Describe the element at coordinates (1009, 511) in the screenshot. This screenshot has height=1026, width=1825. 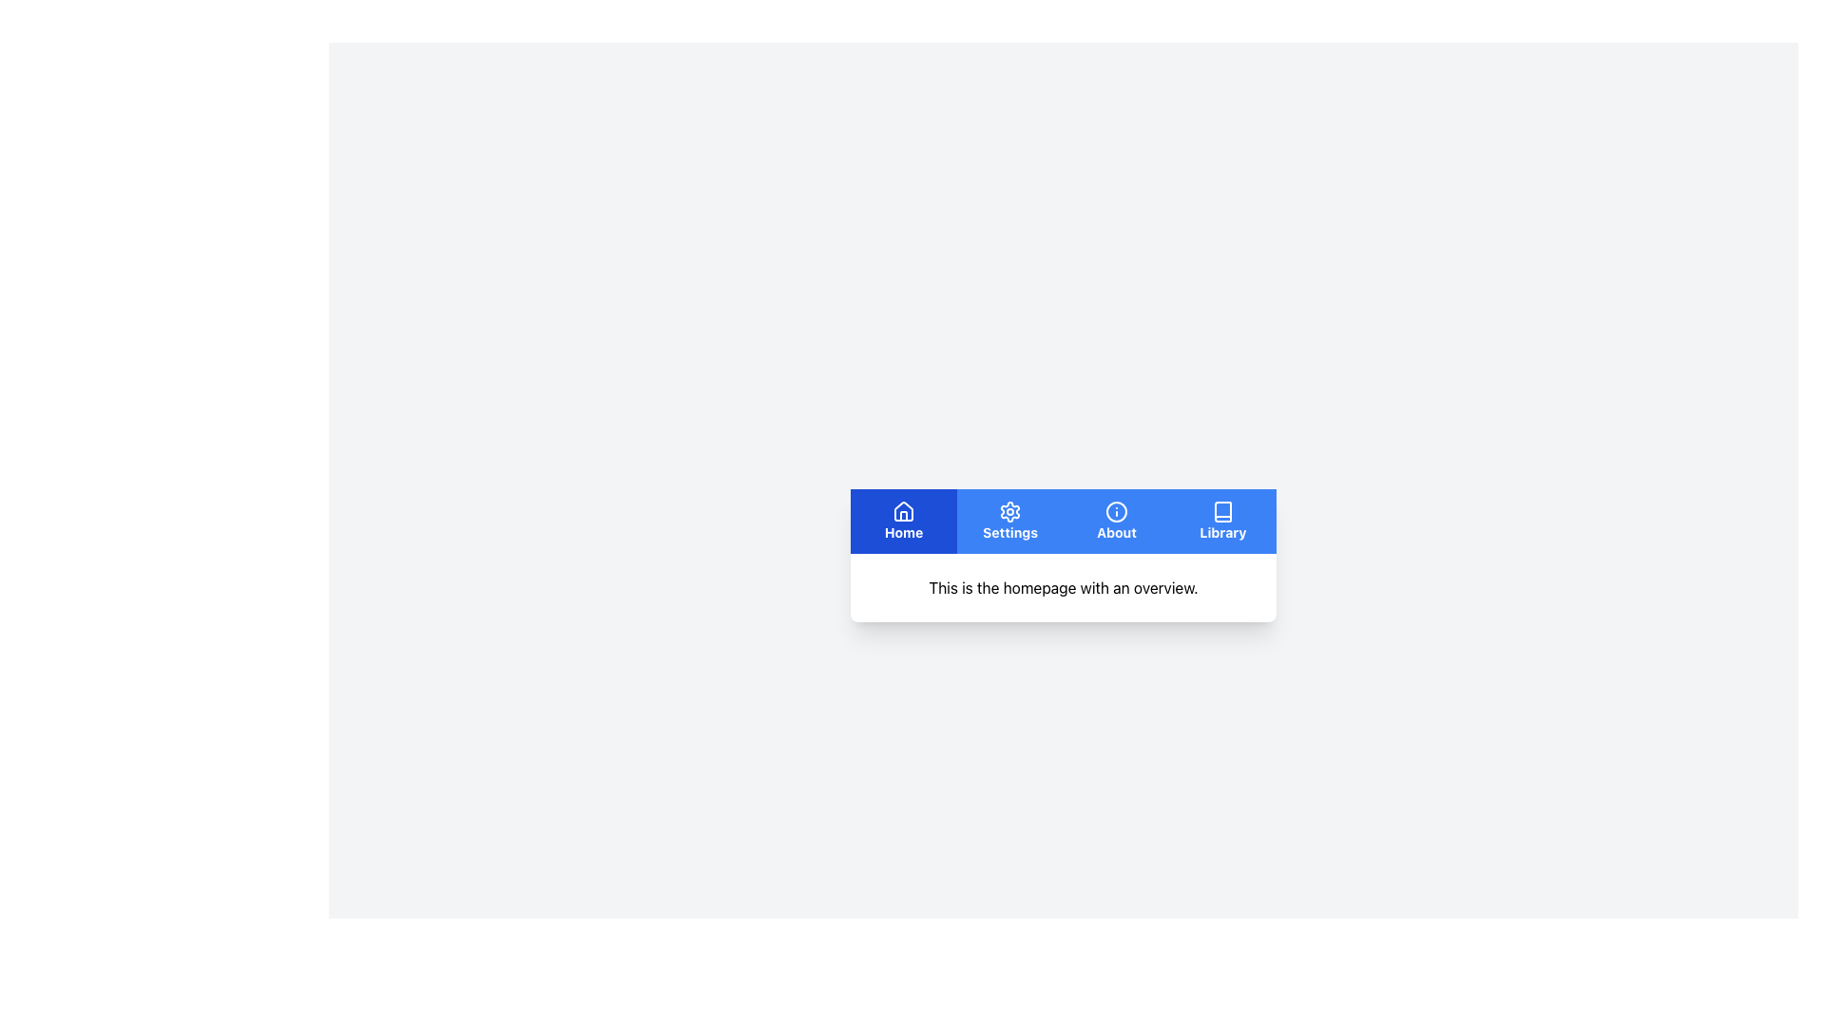
I see `the 'Settings' icon located in the navigation bar at the bottom of the interface` at that location.